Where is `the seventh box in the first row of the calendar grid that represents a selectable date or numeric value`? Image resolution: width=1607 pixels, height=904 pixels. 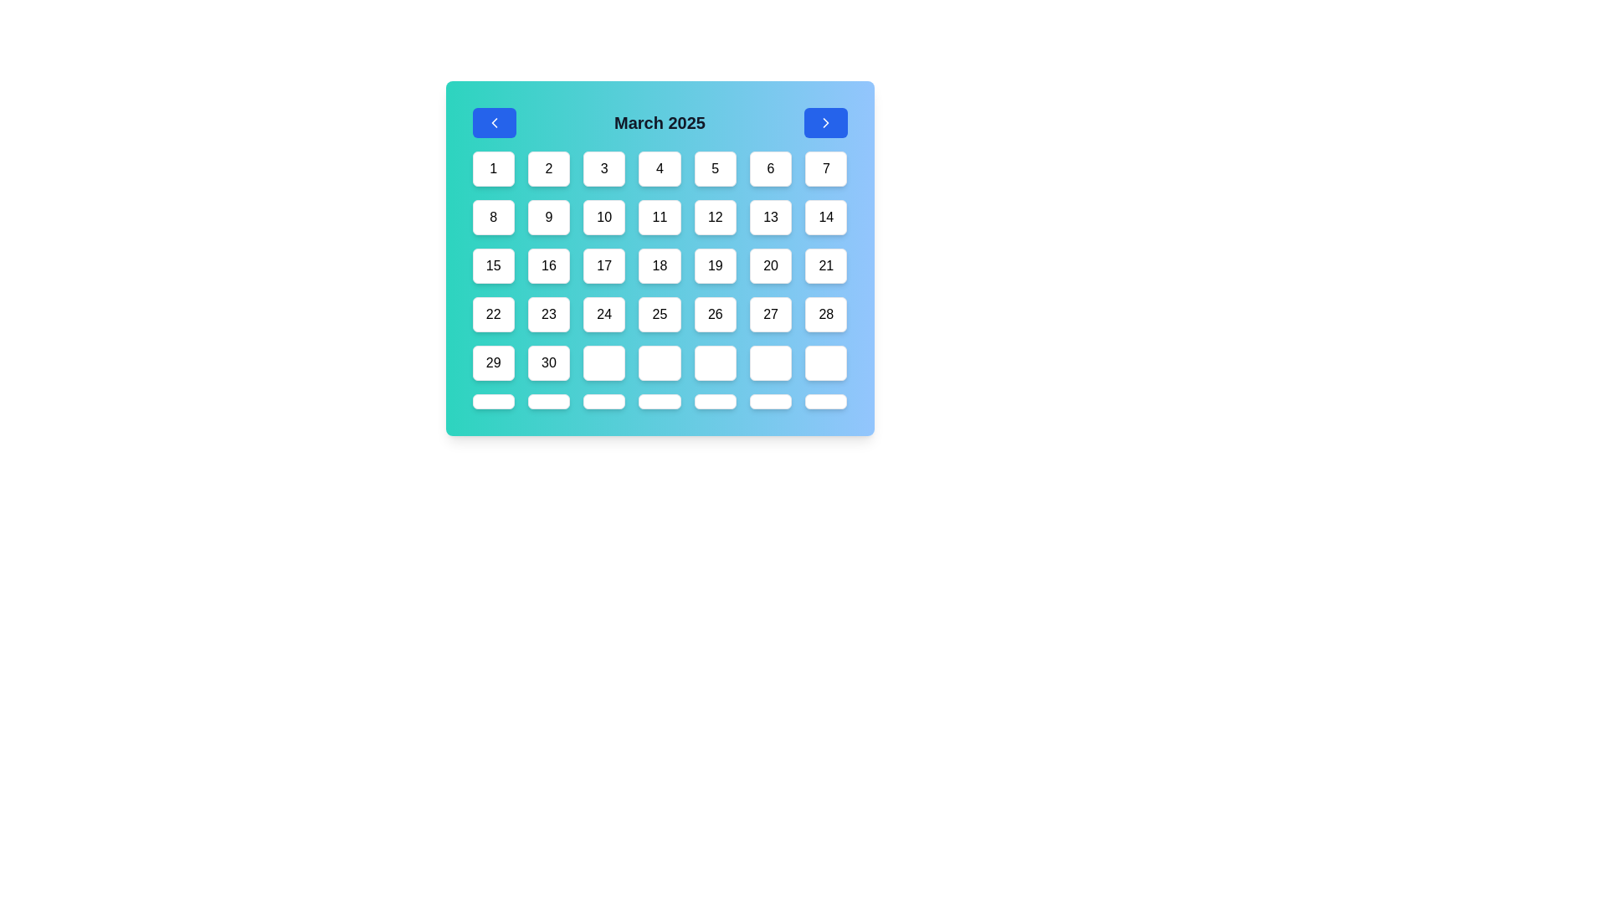
the seventh box in the first row of the calendar grid that represents a selectable date or numeric value is located at coordinates (826, 168).